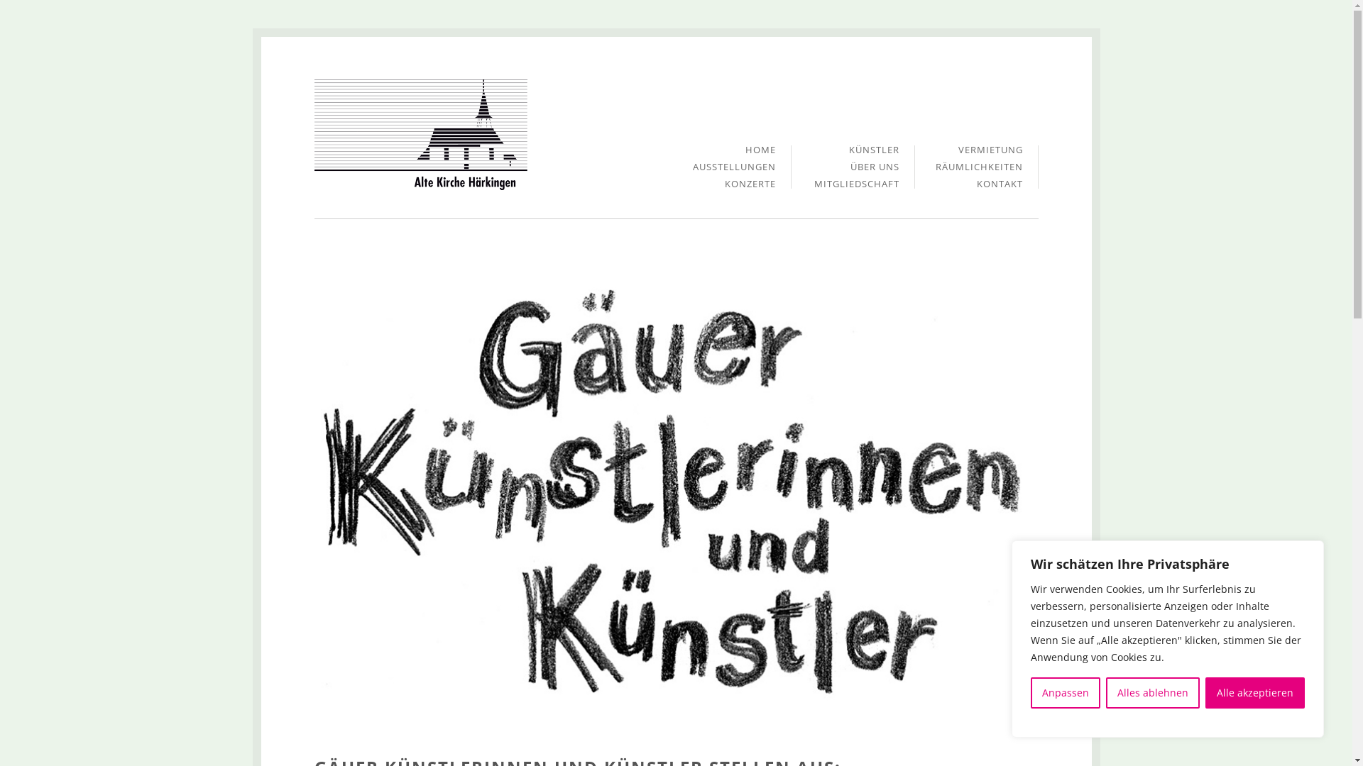 The width and height of the screenshot is (1363, 766). I want to click on 'VERMIETUNG', so click(990, 153).